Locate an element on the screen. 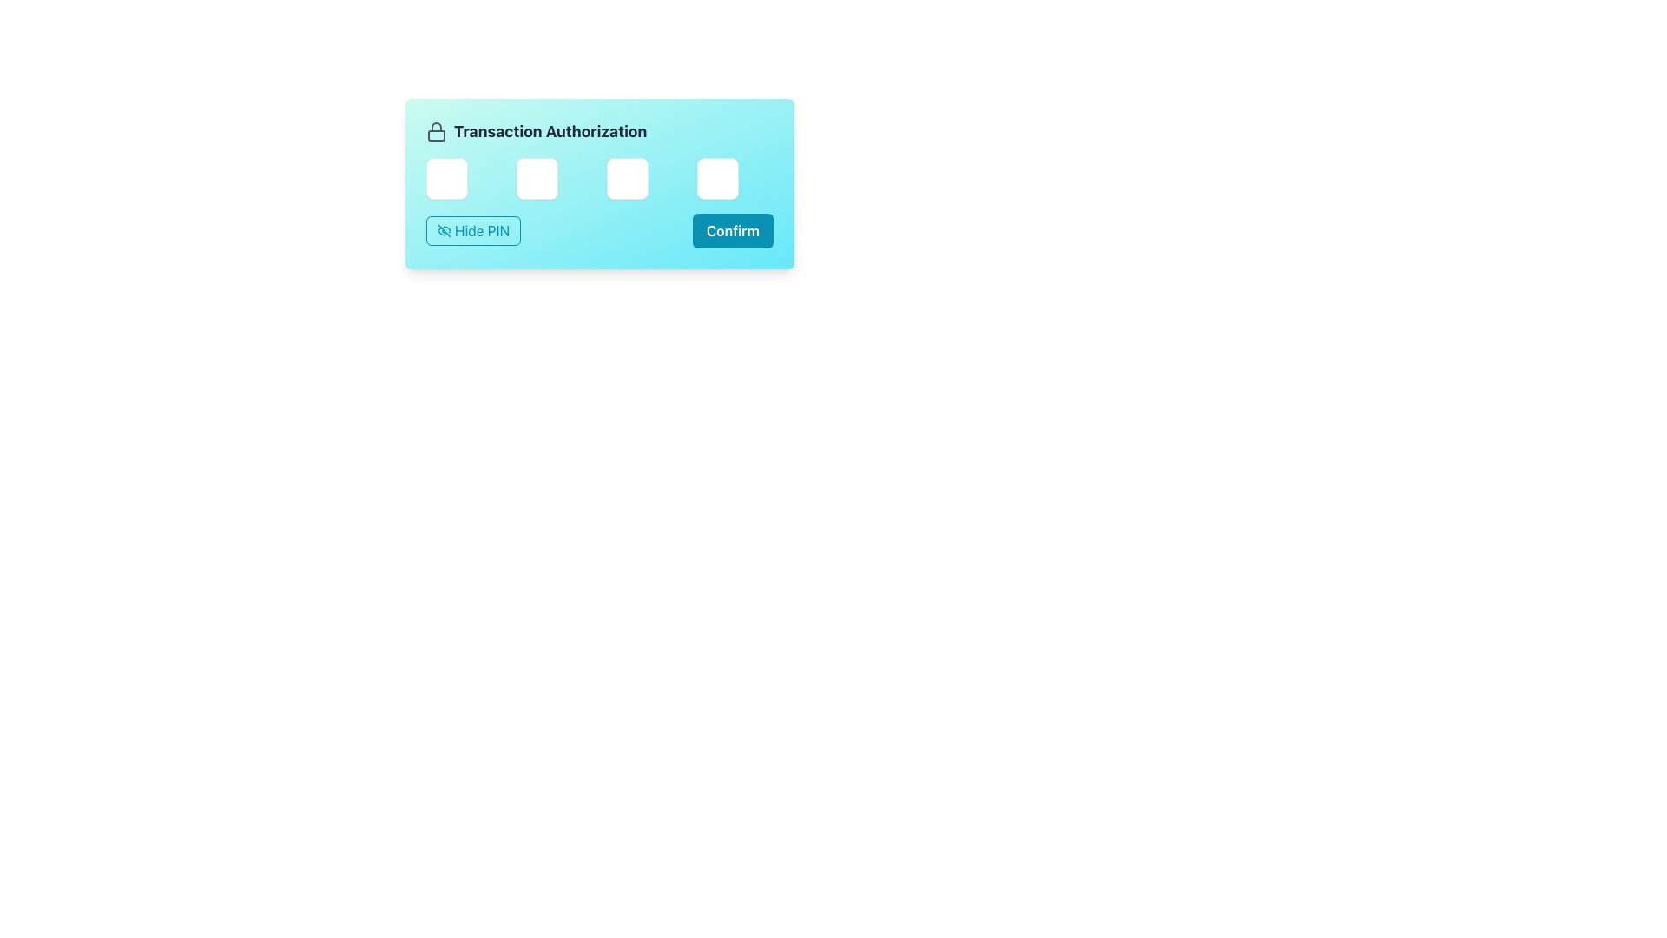  the 'Hide PIN' button which has a cyan border, rounded edges, an eye icon with a line through it, and is located below the PIN input fields in the transaction authorization interface is located at coordinates (473, 230).